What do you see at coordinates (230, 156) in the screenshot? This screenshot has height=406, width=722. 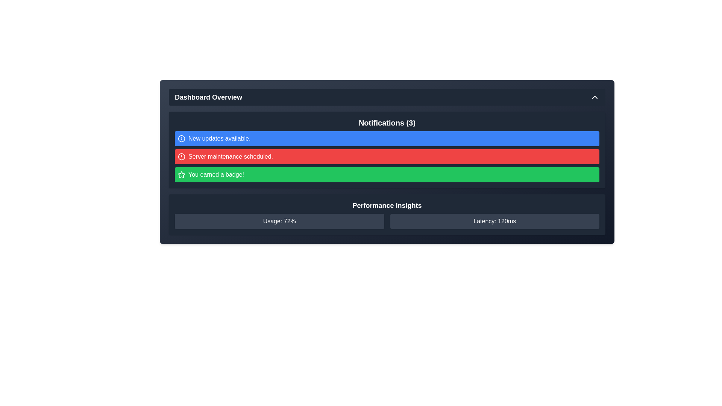 I see `text from the notification banner that conveys important information about server maintenance, which is the second element in the notifications list` at bounding box center [230, 156].